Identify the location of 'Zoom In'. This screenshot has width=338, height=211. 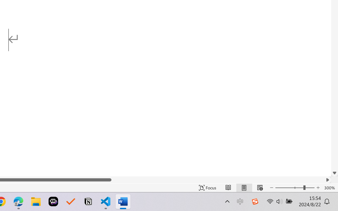
(318, 188).